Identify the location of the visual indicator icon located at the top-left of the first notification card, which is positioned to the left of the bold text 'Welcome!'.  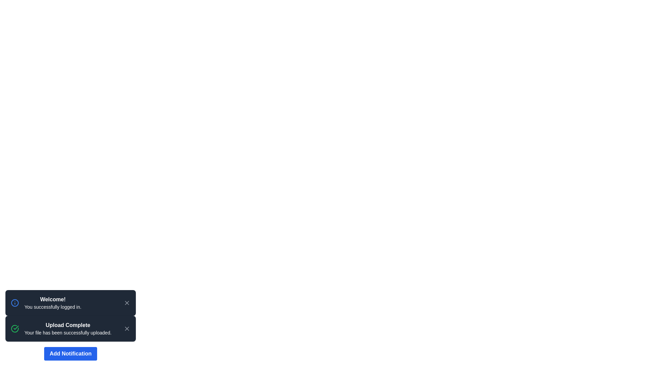
(15, 303).